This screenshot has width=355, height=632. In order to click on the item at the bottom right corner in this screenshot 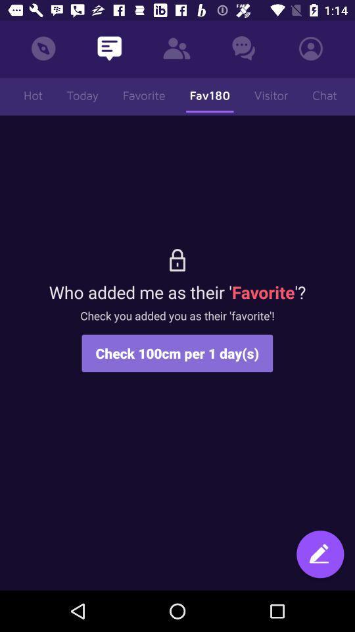, I will do `click(319, 555)`.